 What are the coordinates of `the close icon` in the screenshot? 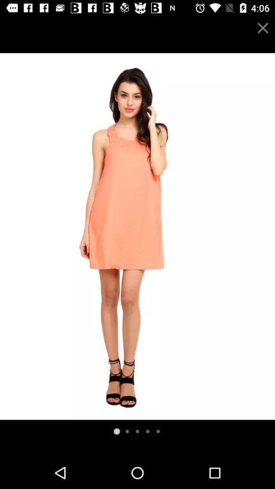 It's located at (263, 28).